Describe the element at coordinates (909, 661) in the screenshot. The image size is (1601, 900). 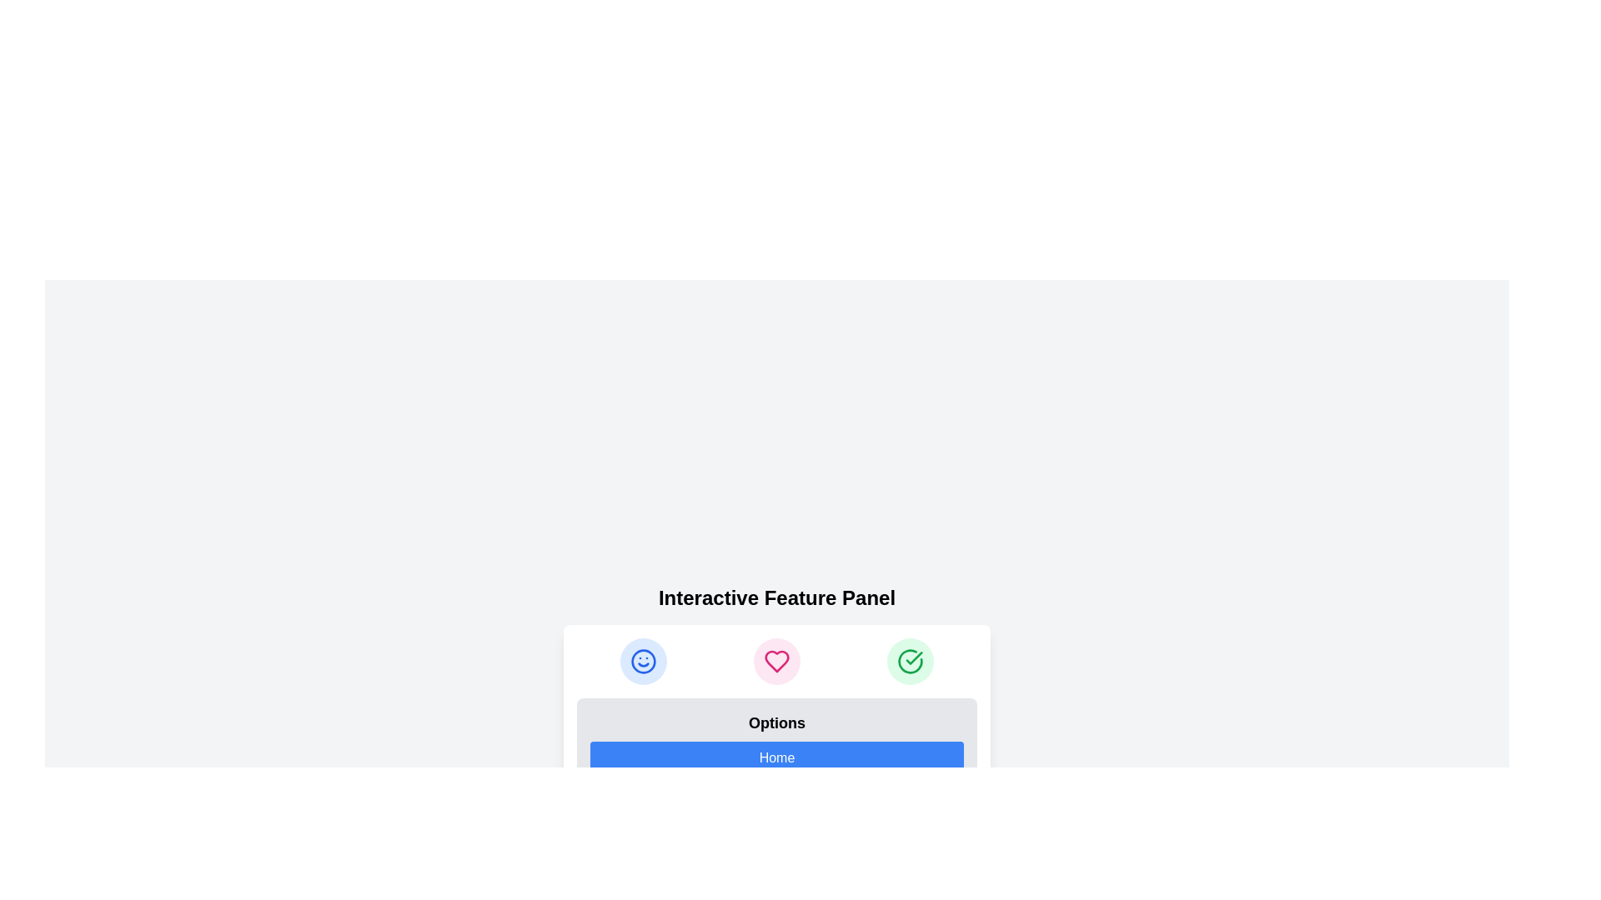
I see `the third icon in the horizontal row at the top of the interactive feature panel, which represents confirmation or success with a checkmark symbol` at that location.